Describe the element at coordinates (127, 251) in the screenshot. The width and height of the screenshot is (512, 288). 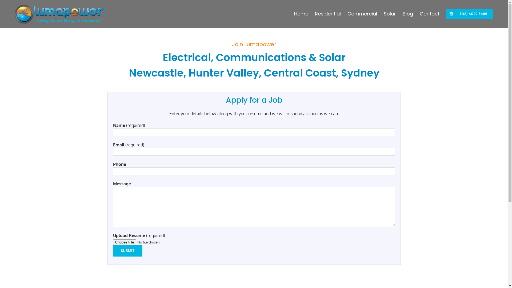
I see `'Submit'` at that location.